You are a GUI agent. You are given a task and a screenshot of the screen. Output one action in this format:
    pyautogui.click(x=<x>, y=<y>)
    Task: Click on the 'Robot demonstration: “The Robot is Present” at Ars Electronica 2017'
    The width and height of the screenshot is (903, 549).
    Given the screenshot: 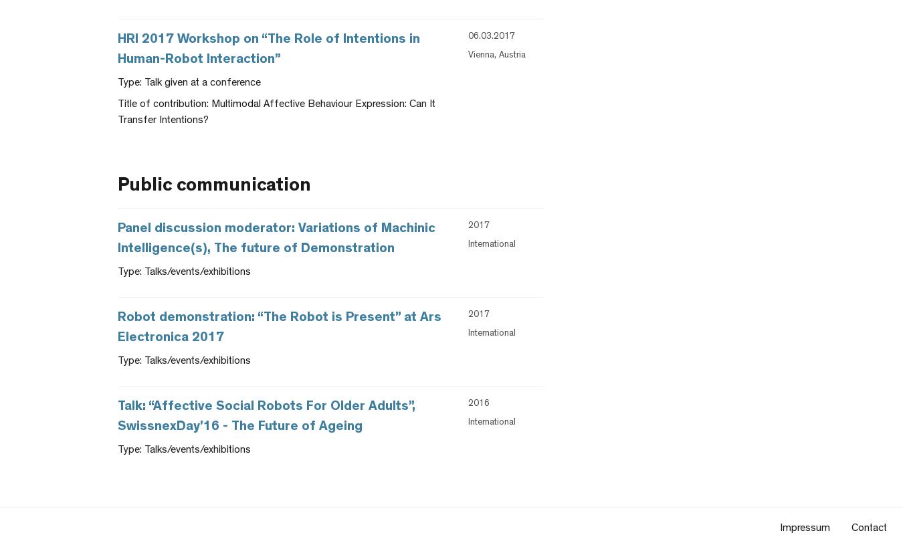 What is the action you would take?
    pyautogui.click(x=279, y=328)
    